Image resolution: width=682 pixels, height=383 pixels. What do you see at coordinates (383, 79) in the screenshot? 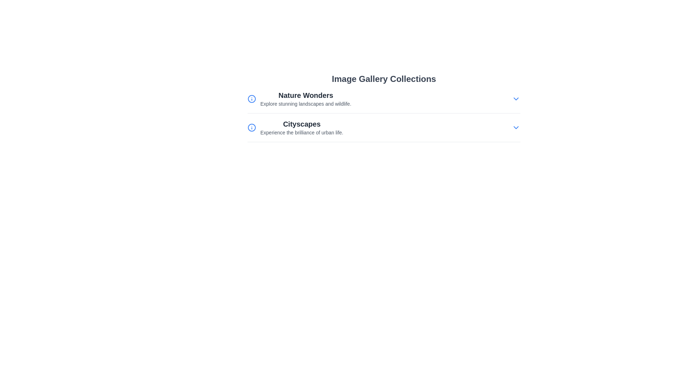
I see `centered header text 'Image Gallery Collections' which is prominently displayed at the top of its section in a larger bold font` at bounding box center [383, 79].